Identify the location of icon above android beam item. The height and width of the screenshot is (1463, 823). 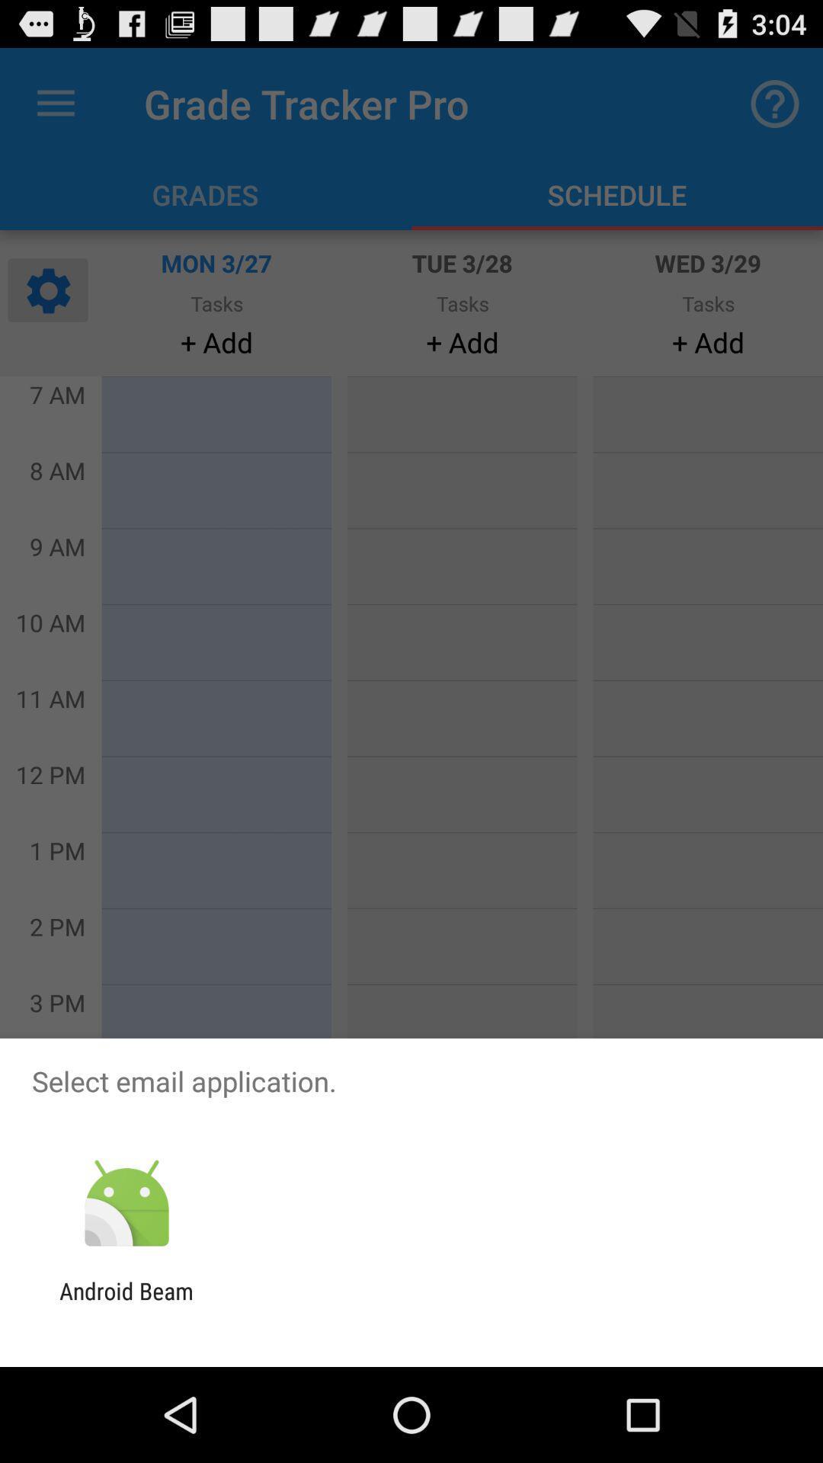
(126, 1203).